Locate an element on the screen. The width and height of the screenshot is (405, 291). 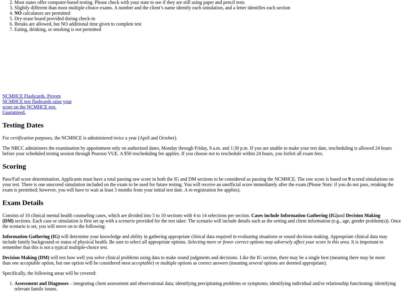
'will test how well you solve clinical problems using data to make sound judgments and decisions. Like the IG section, there may be a single best (meaning there may be more than' is located at coordinates (193, 259).